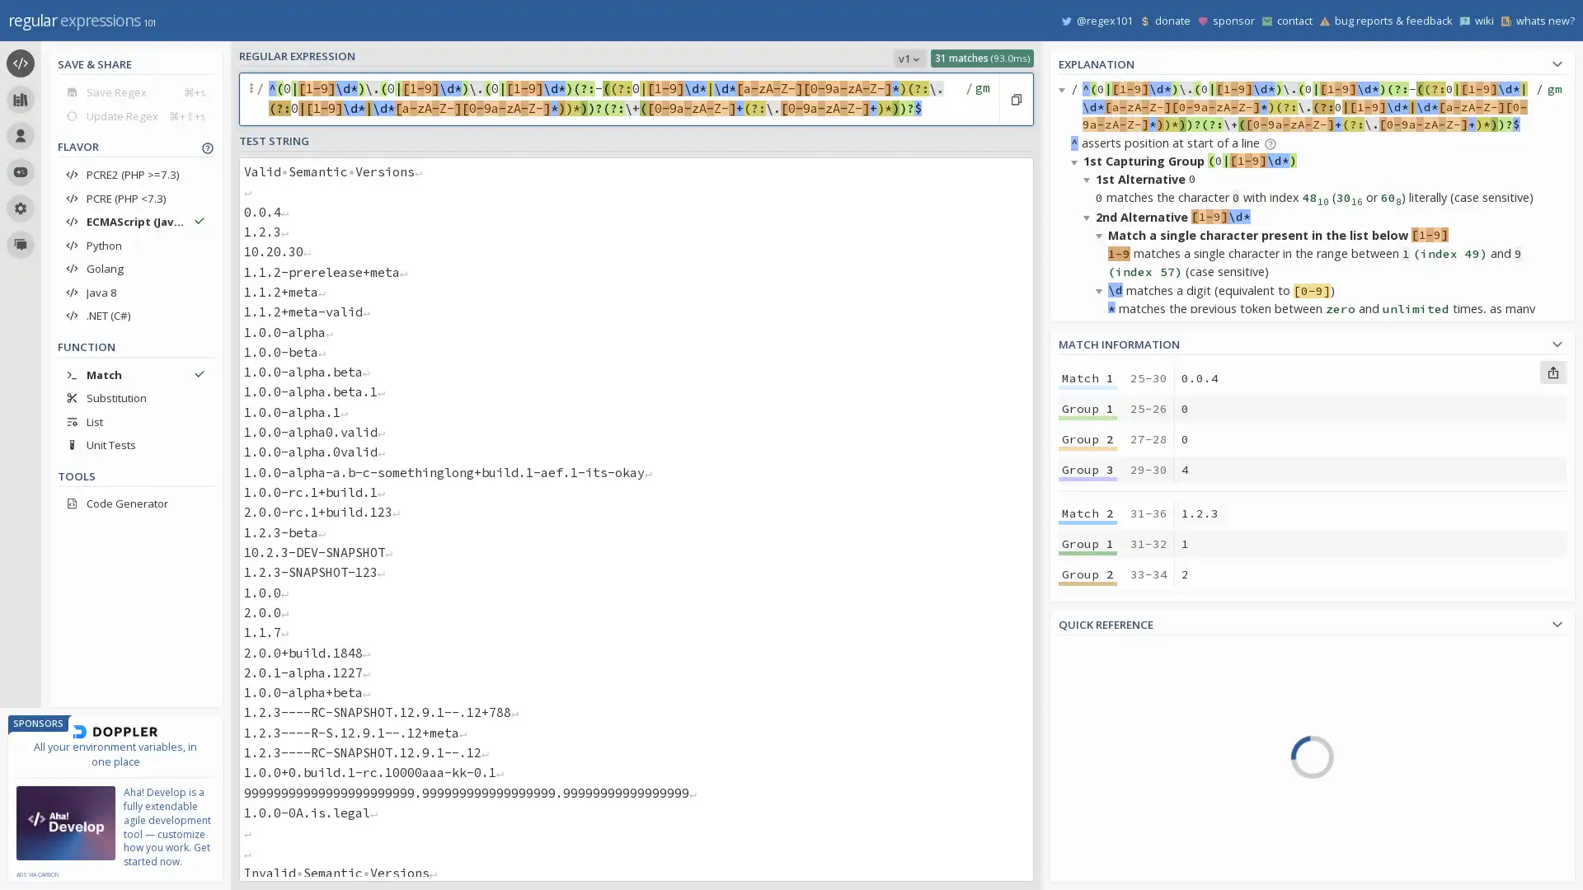 The height and width of the screenshot is (890, 1583). What do you see at coordinates (1077, 365) in the screenshot?
I see `Collapse Subtree` at bounding box center [1077, 365].